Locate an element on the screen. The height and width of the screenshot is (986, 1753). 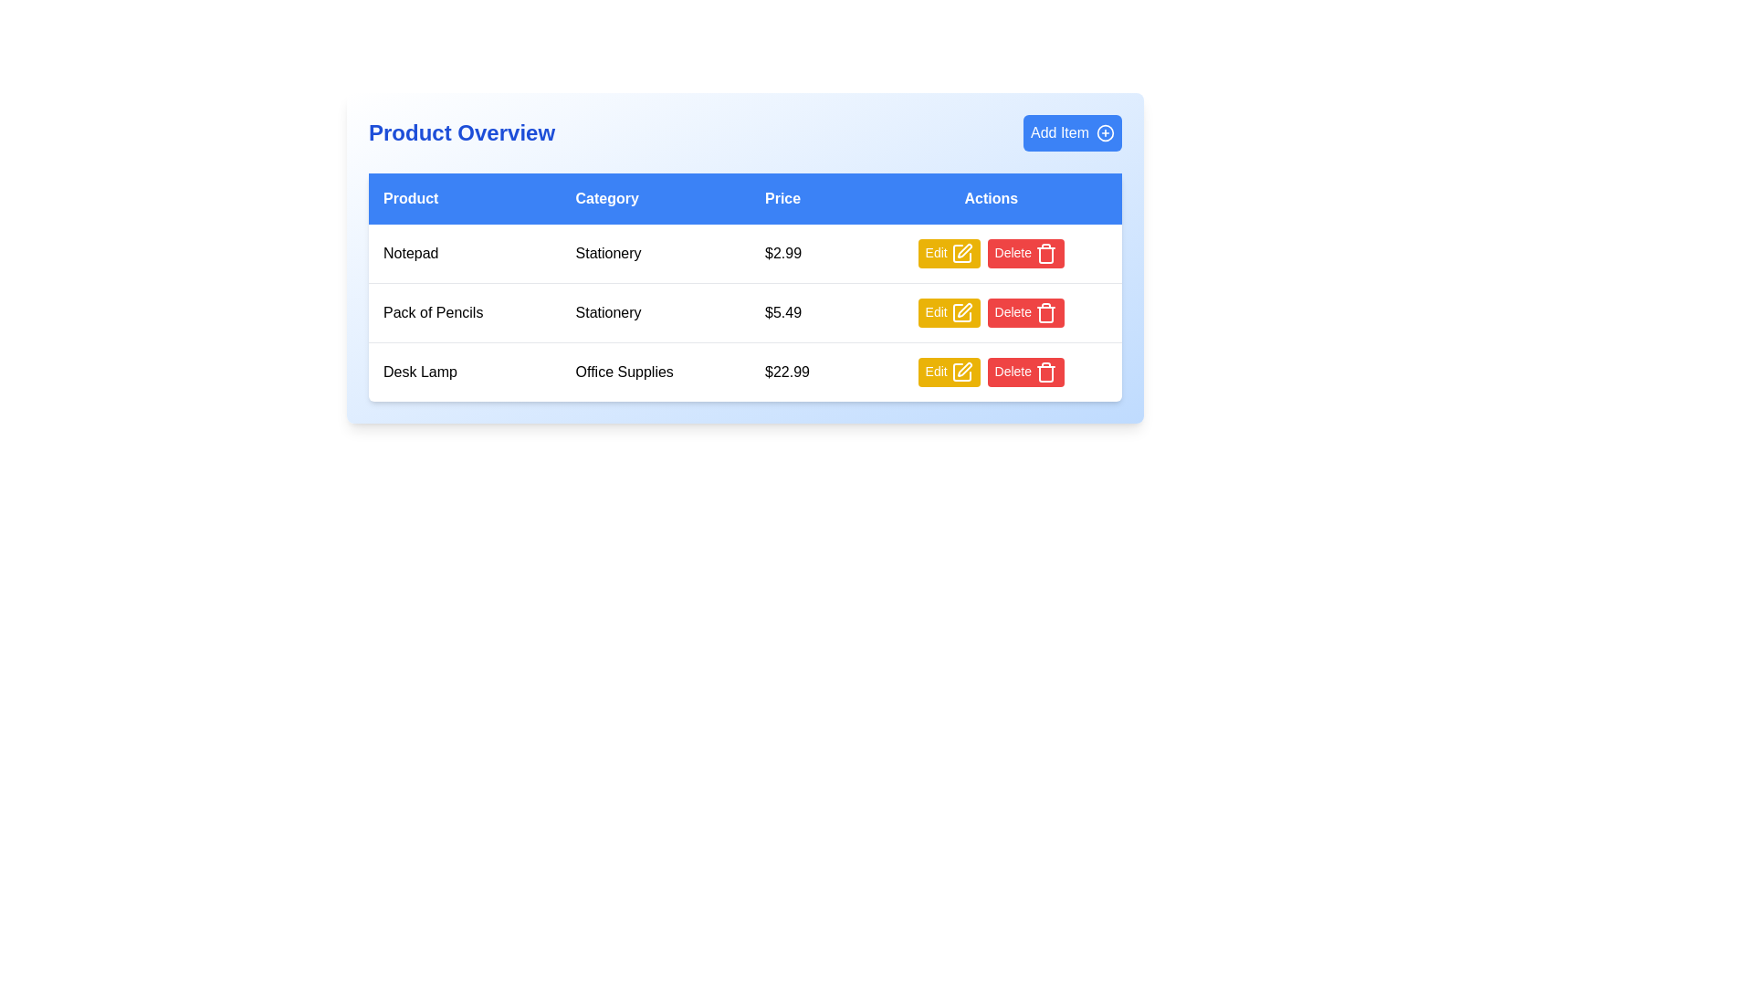
the 'Delete' icon located to the right of the 'Delete' button in the second row of the table is located at coordinates (1045, 253).